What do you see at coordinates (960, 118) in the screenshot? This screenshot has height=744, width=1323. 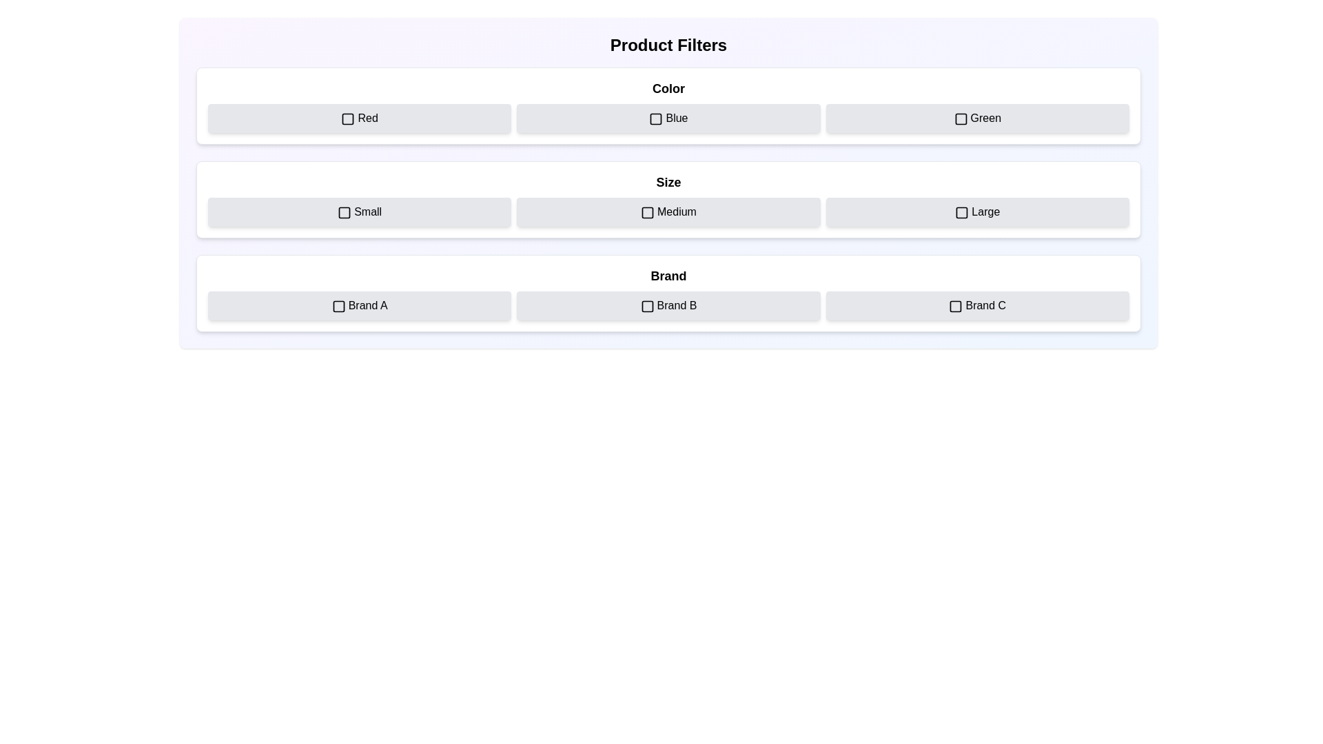 I see `the checkbox indicator for the 'Green' selection in the 'Color' filter section` at bounding box center [960, 118].